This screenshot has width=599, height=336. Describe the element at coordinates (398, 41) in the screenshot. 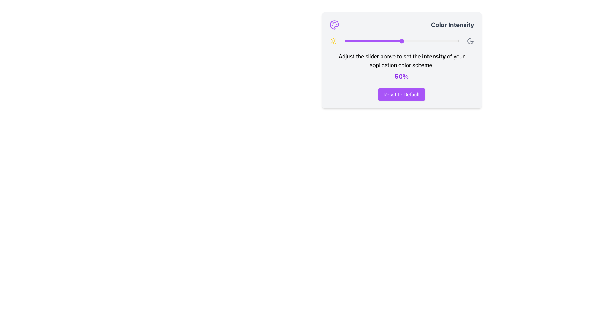

I see `the color intensity slider` at that location.